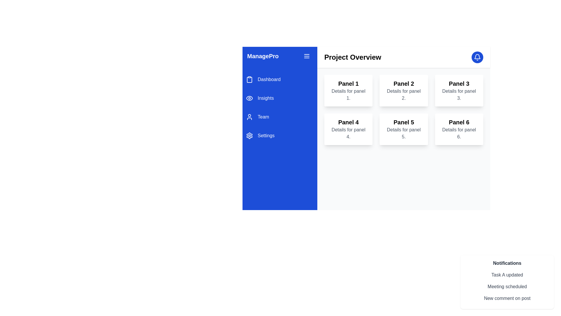  Describe the element at coordinates (250, 117) in the screenshot. I see `the user icon` at that location.